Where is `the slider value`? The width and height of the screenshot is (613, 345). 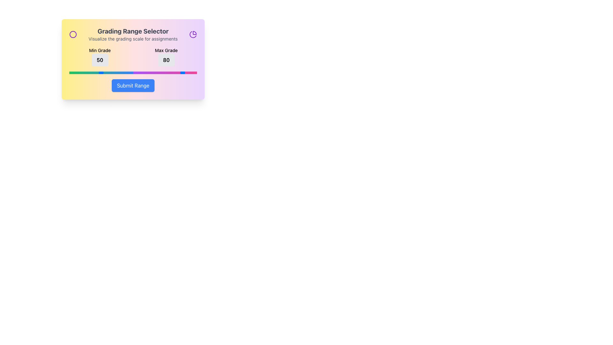
the slider value is located at coordinates (93, 72).